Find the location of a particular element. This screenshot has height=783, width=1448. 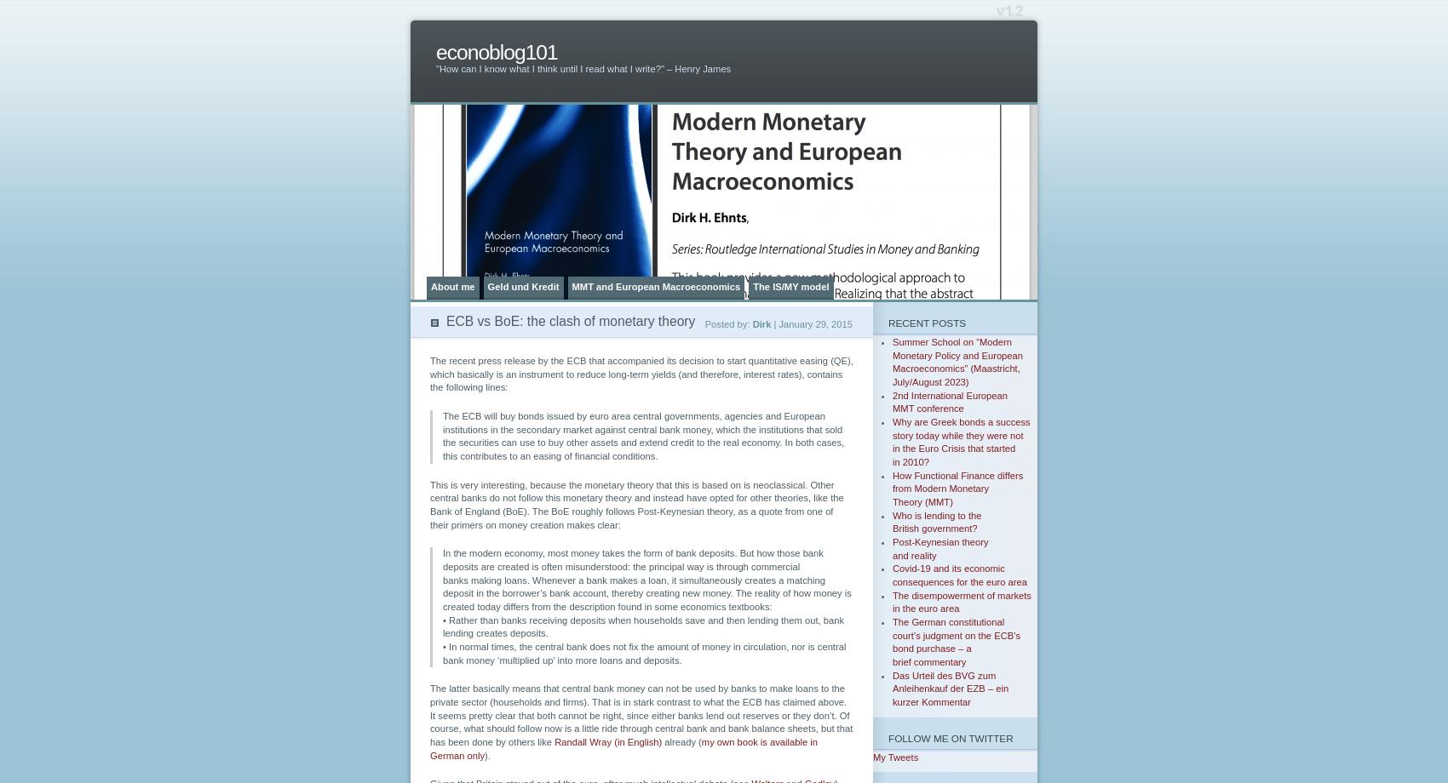

'My Tweets' is located at coordinates (871, 755).